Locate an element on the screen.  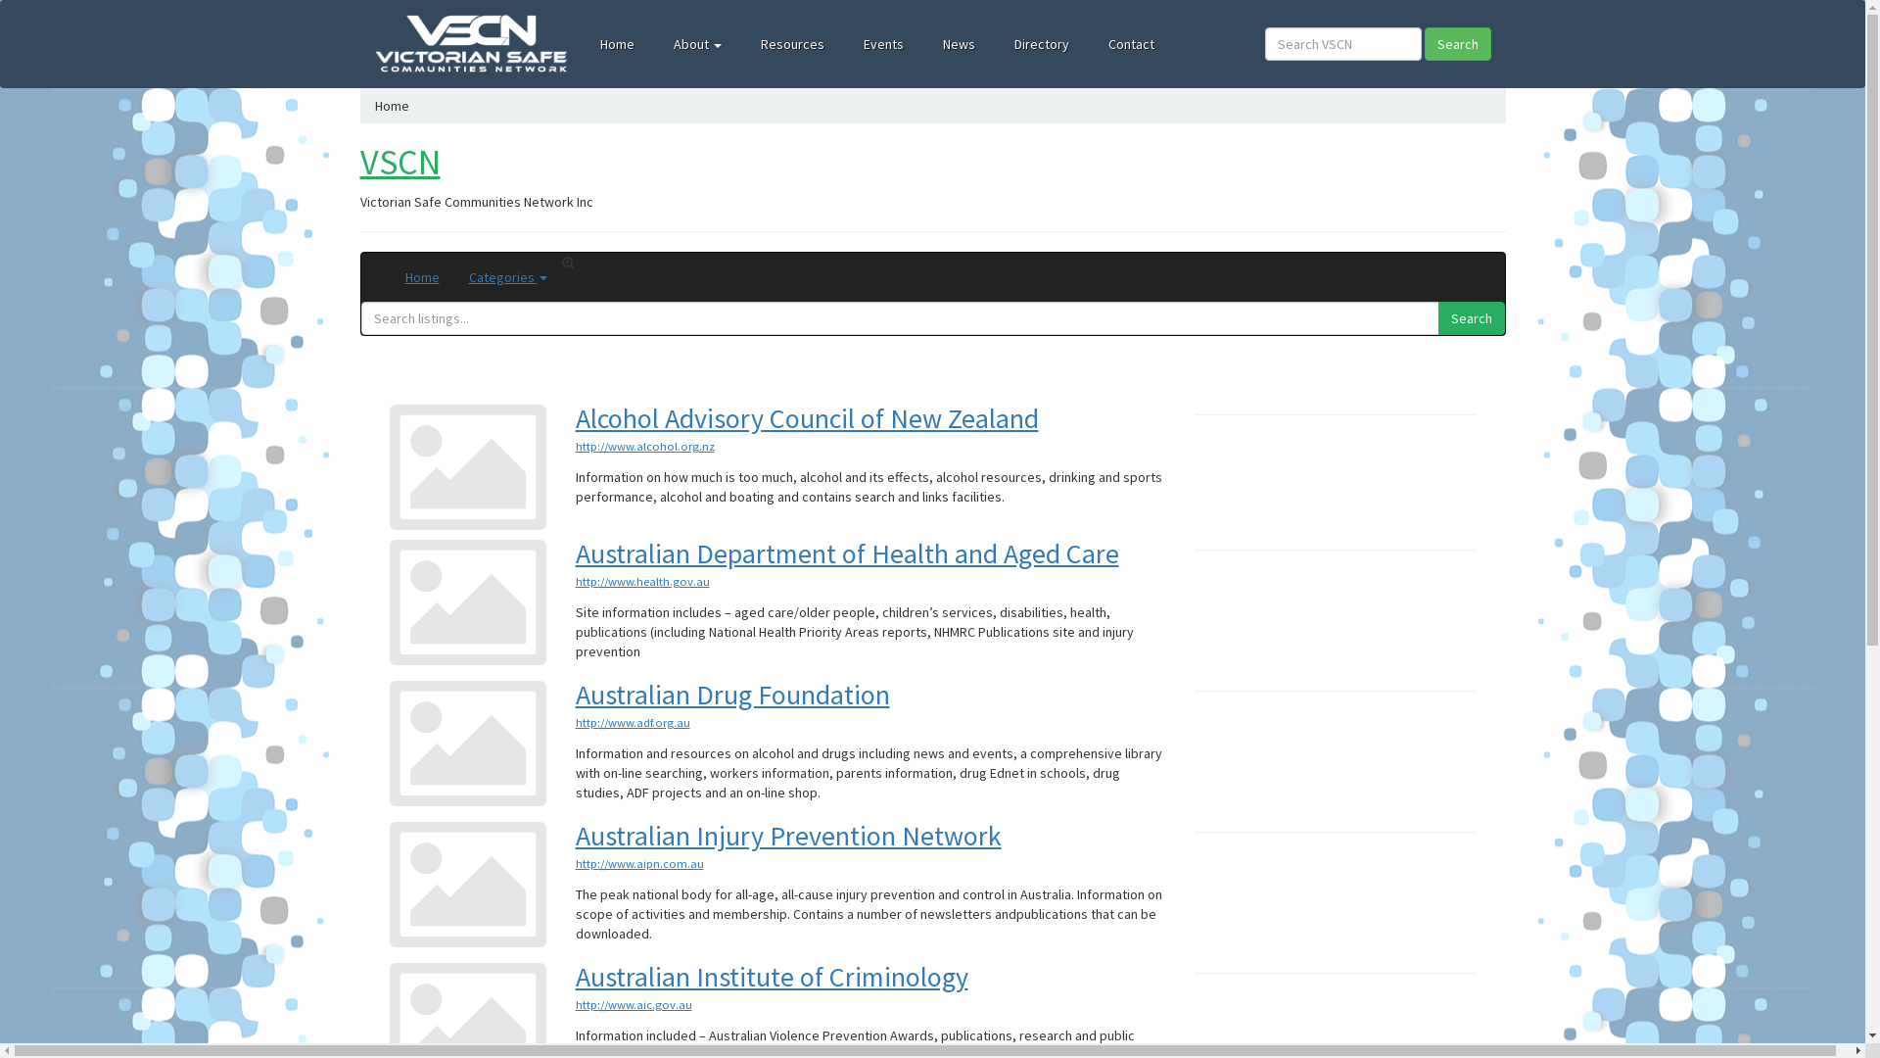
'Directory' is located at coordinates (1041, 44).